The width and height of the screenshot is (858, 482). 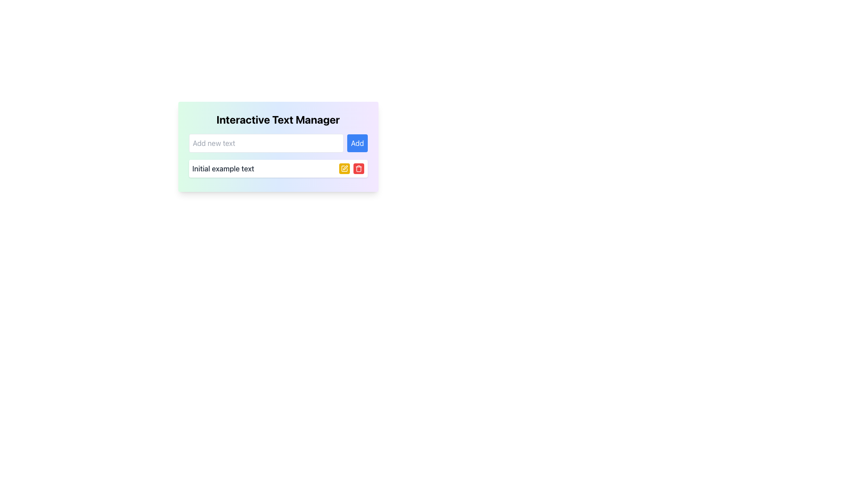 What do you see at coordinates (344, 169) in the screenshot?
I see `the edit button located to the right of the text field labeled 'Initial example text'` at bounding box center [344, 169].